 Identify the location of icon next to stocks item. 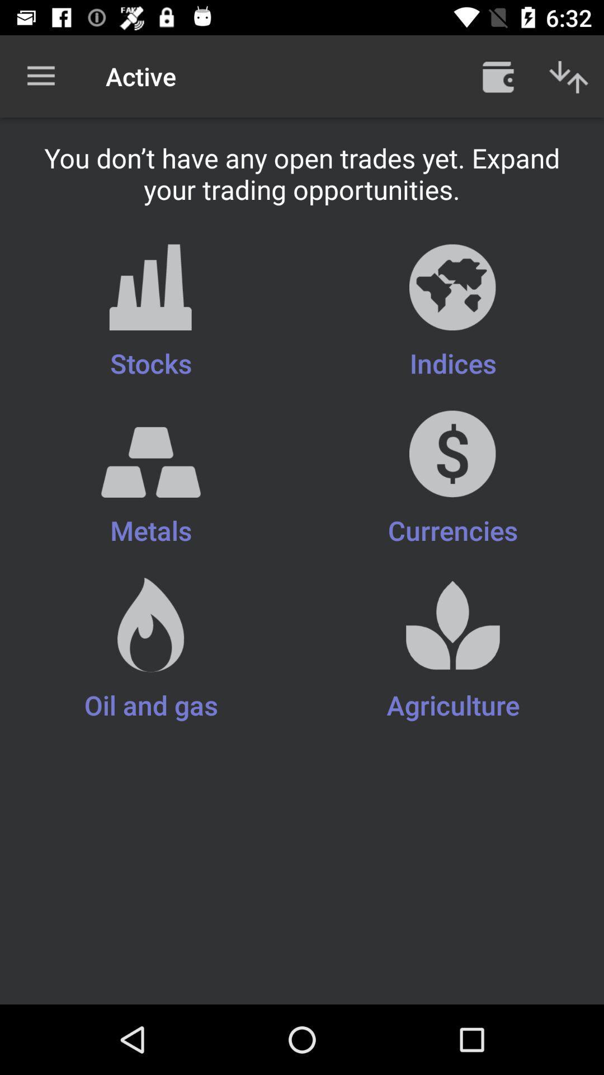
(453, 312).